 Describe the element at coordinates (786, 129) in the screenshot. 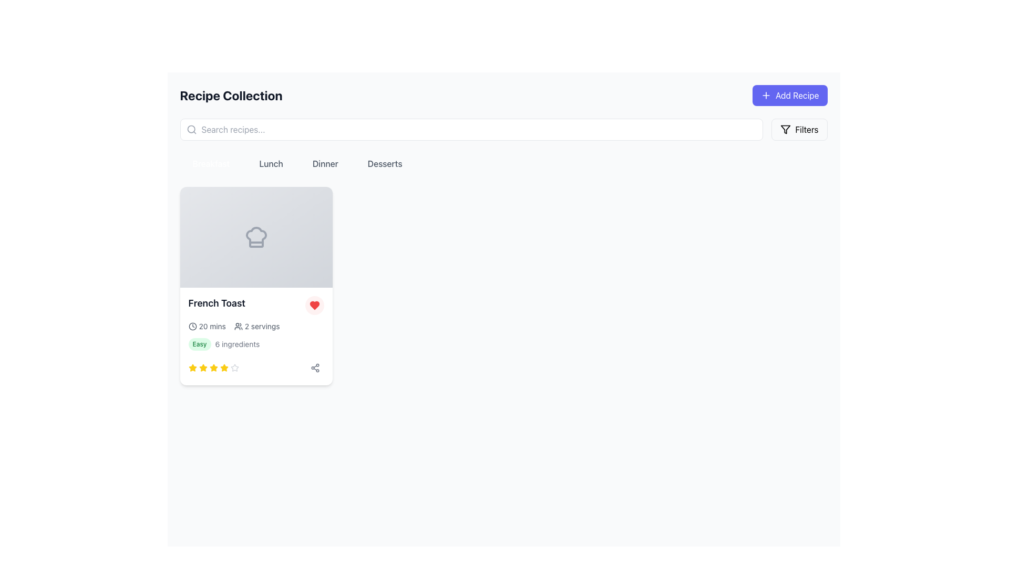

I see `the small triangular filter icon, which is styled in a black outline on a white background and is located within the 'Filters' button at the top-right corner of the interface` at that location.